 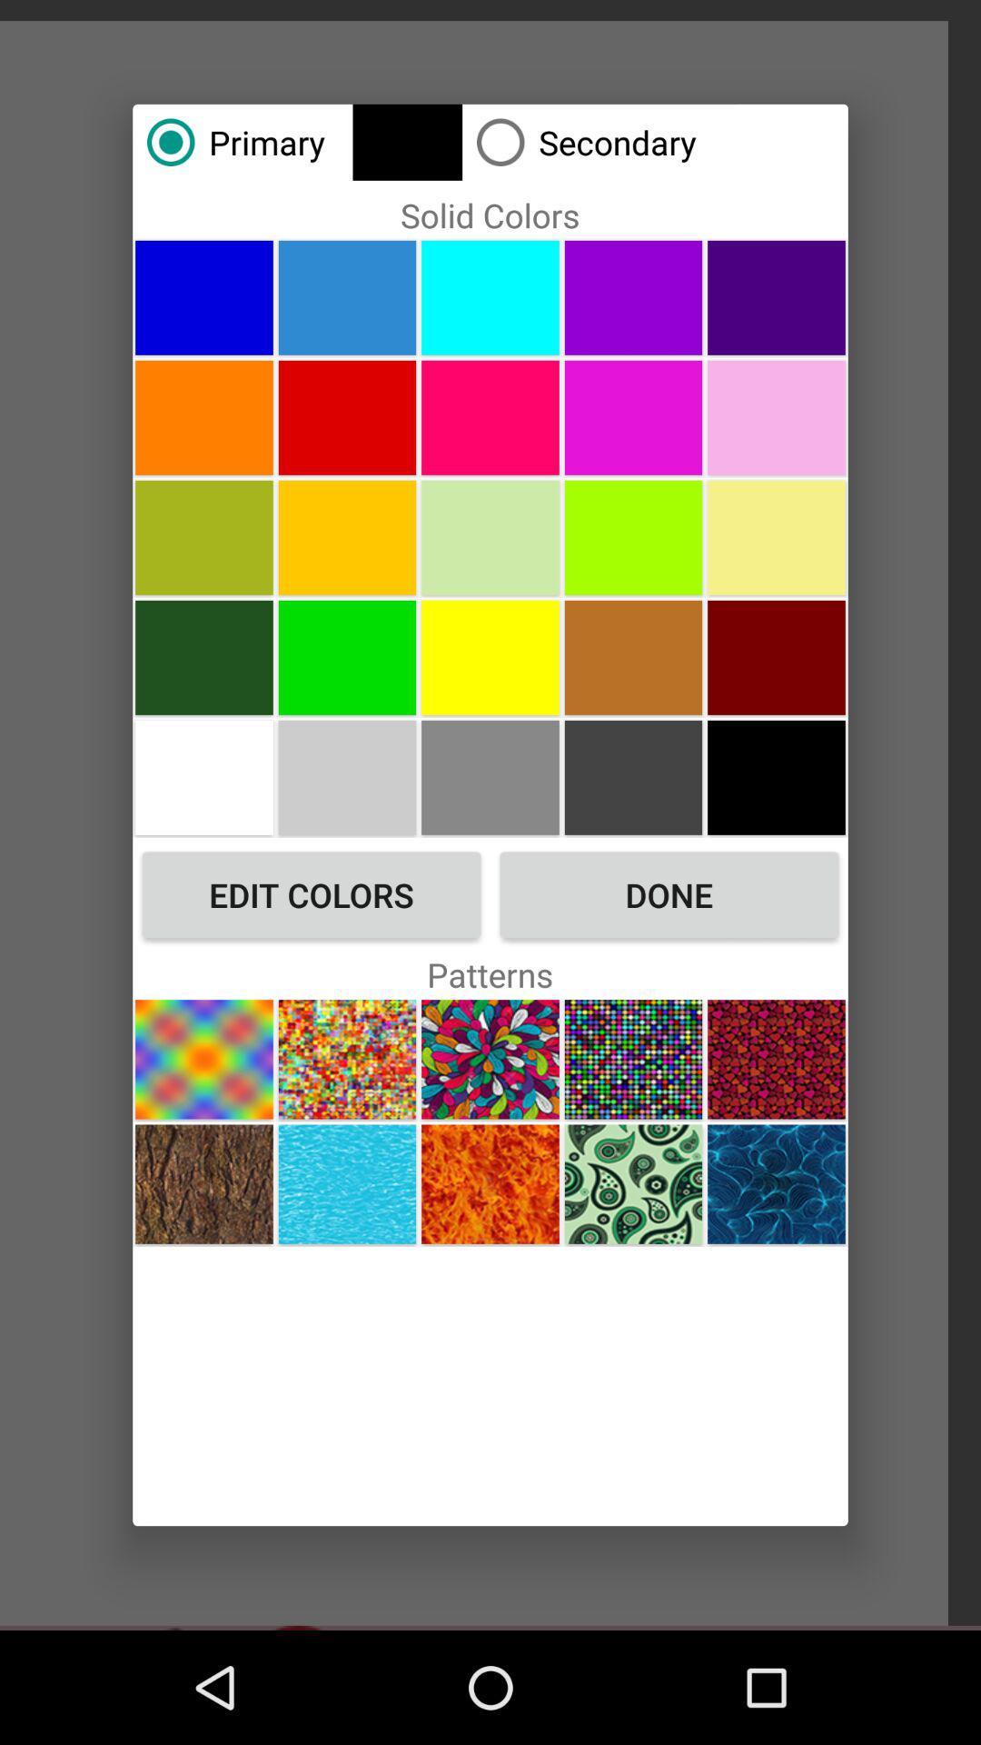 I want to click on color selector blue, so click(x=203, y=297).